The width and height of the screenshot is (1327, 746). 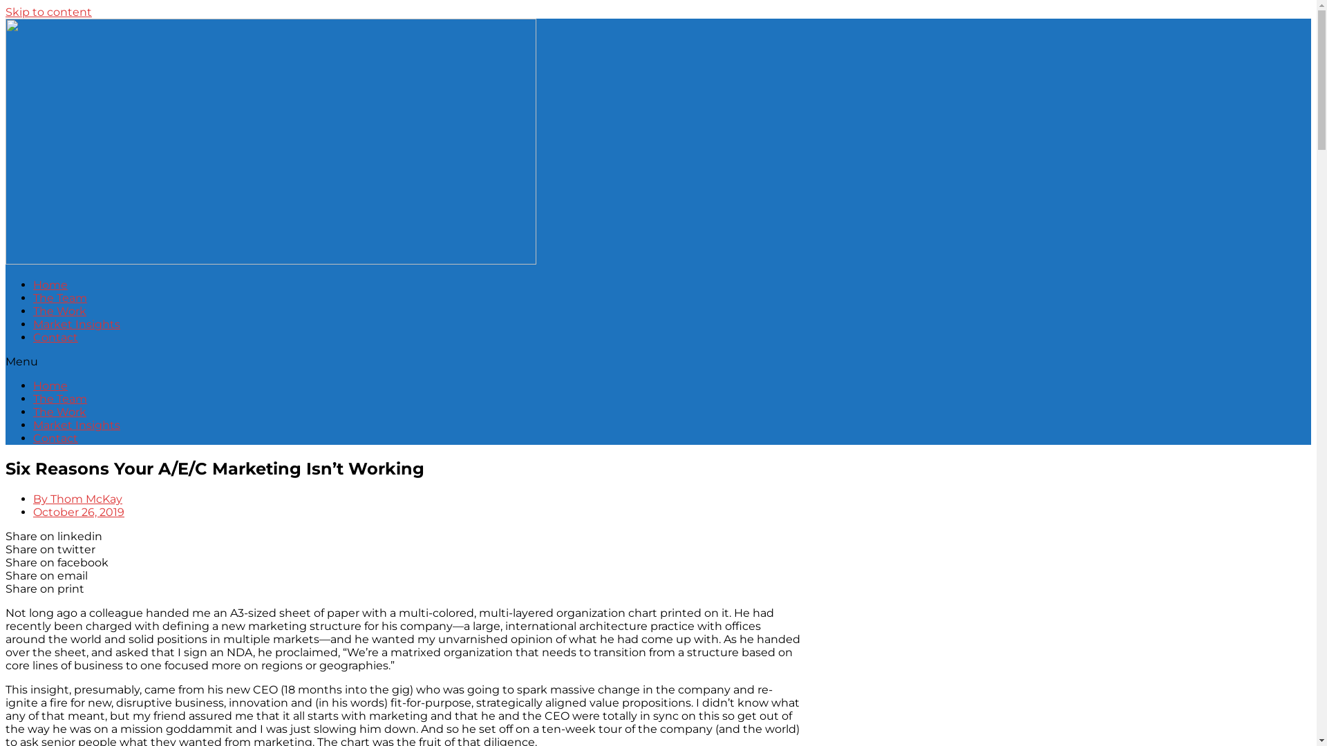 I want to click on 'Contact', so click(x=55, y=438).